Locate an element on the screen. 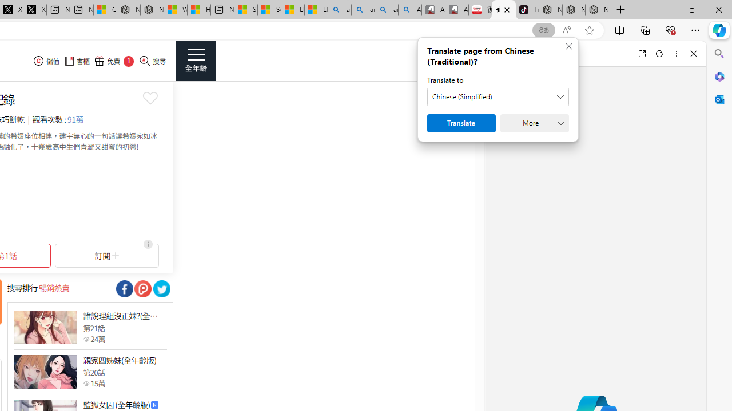  'Open link in new tab' is located at coordinates (642, 53).